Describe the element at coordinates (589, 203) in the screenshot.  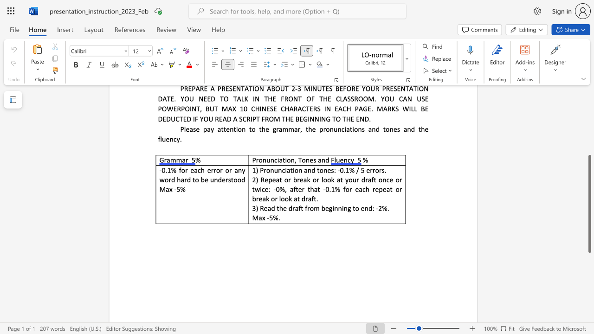
I see `the scrollbar and move up 40 pixels` at that location.